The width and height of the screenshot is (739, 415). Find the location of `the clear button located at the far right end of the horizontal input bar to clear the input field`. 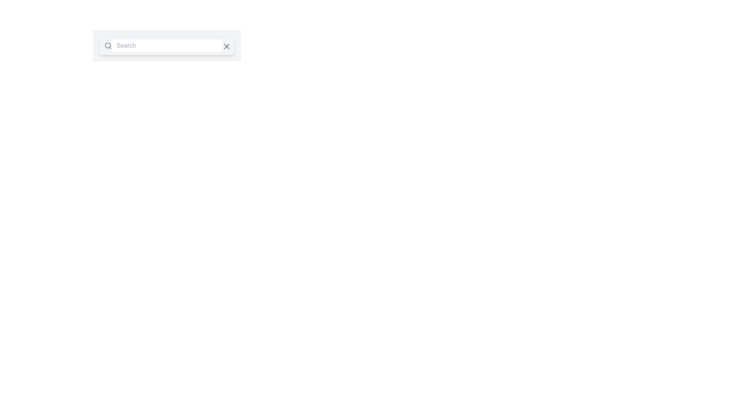

the clear button located at the far right end of the horizontal input bar to clear the input field is located at coordinates (225, 46).